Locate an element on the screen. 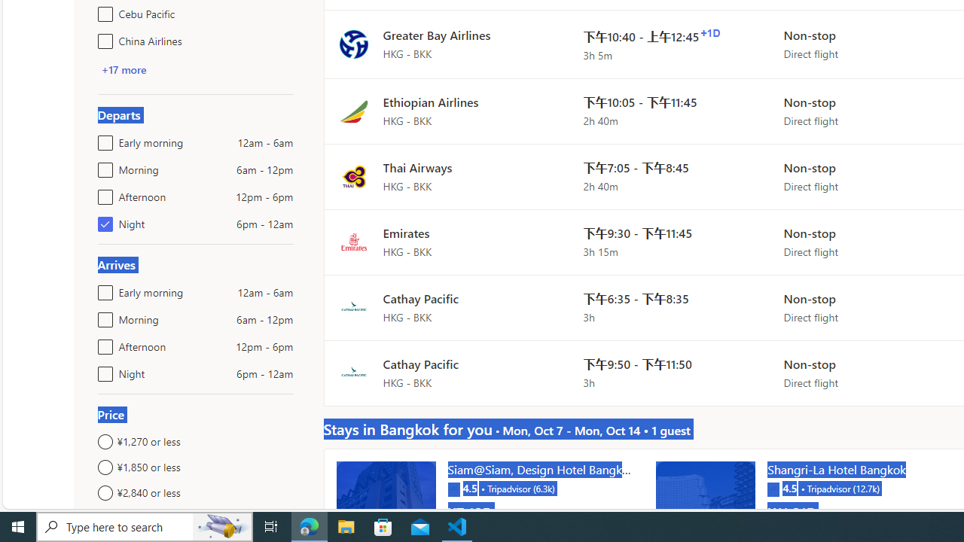  '+17 more' is located at coordinates (124, 69).